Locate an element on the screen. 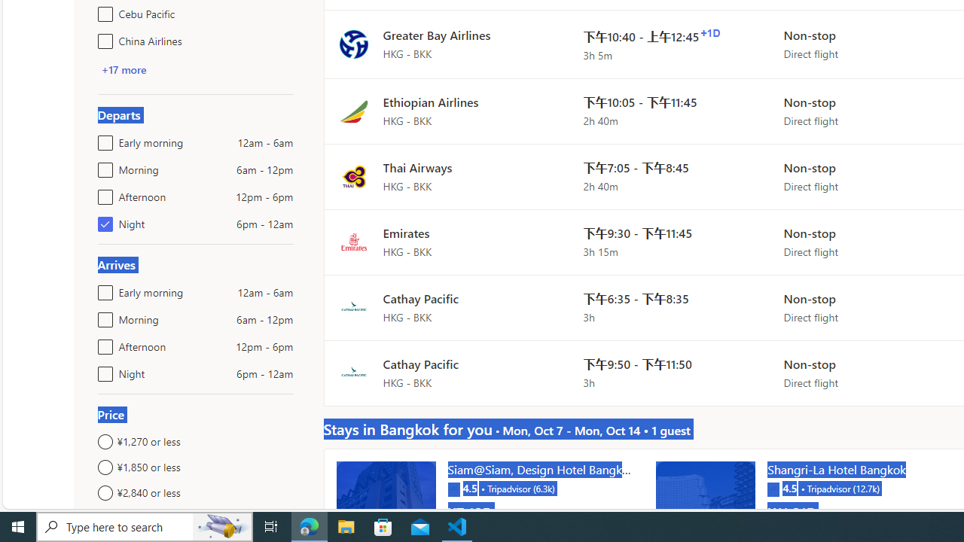  '+17 more' is located at coordinates (124, 69).